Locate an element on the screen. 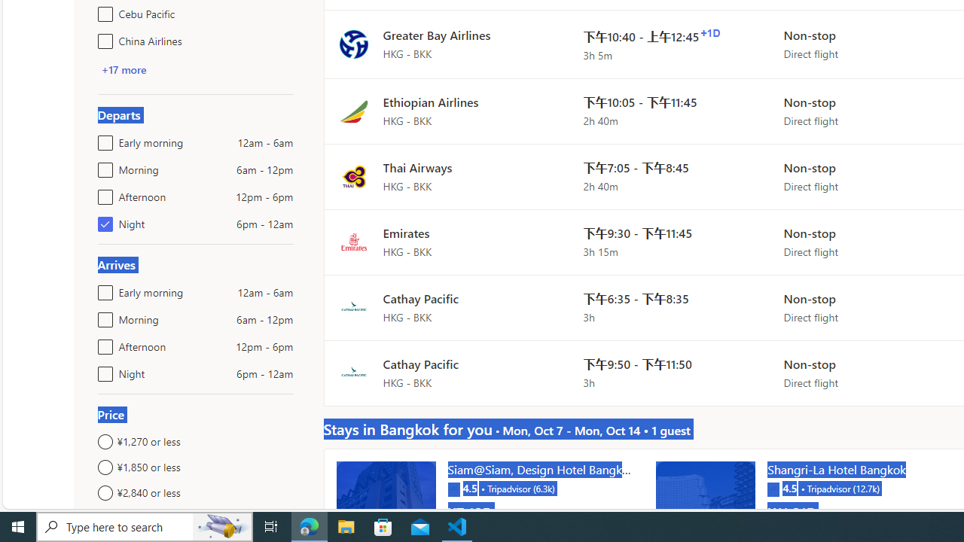  '+17 more' is located at coordinates (124, 69).